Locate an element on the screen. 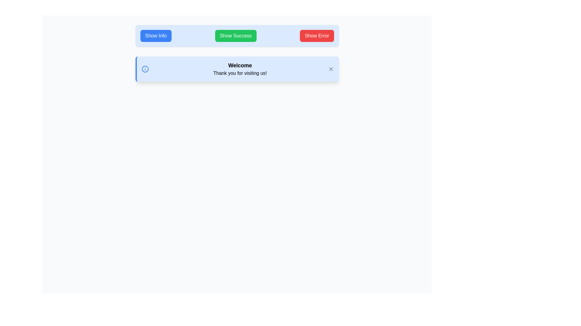  the error-related functionality button, which is the third button in a row of three, located on the far right, next to the green 'Show Success' button is located at coordinates (317, 36).